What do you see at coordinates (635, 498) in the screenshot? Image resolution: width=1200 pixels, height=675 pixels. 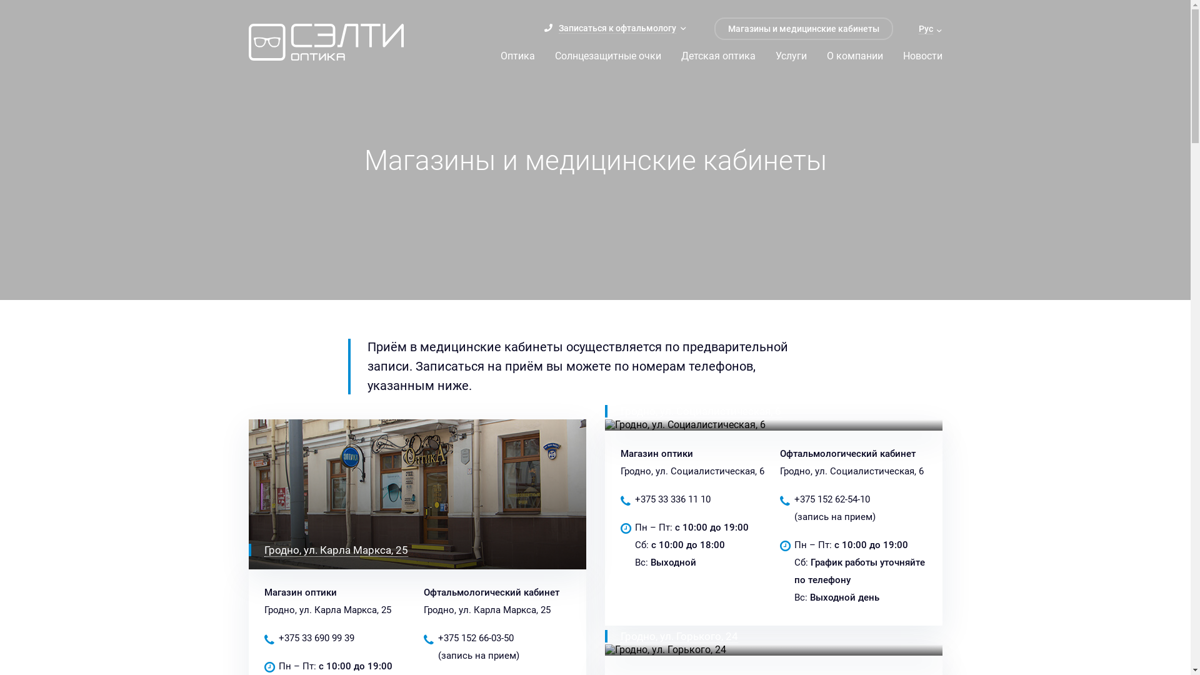 I see `'+375 33 336 11 10'` at bounding box center [635, 498].